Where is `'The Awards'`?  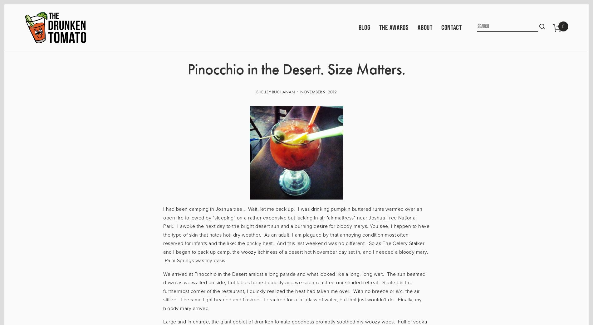
'The Awards' is located at coordinates (393, 27).